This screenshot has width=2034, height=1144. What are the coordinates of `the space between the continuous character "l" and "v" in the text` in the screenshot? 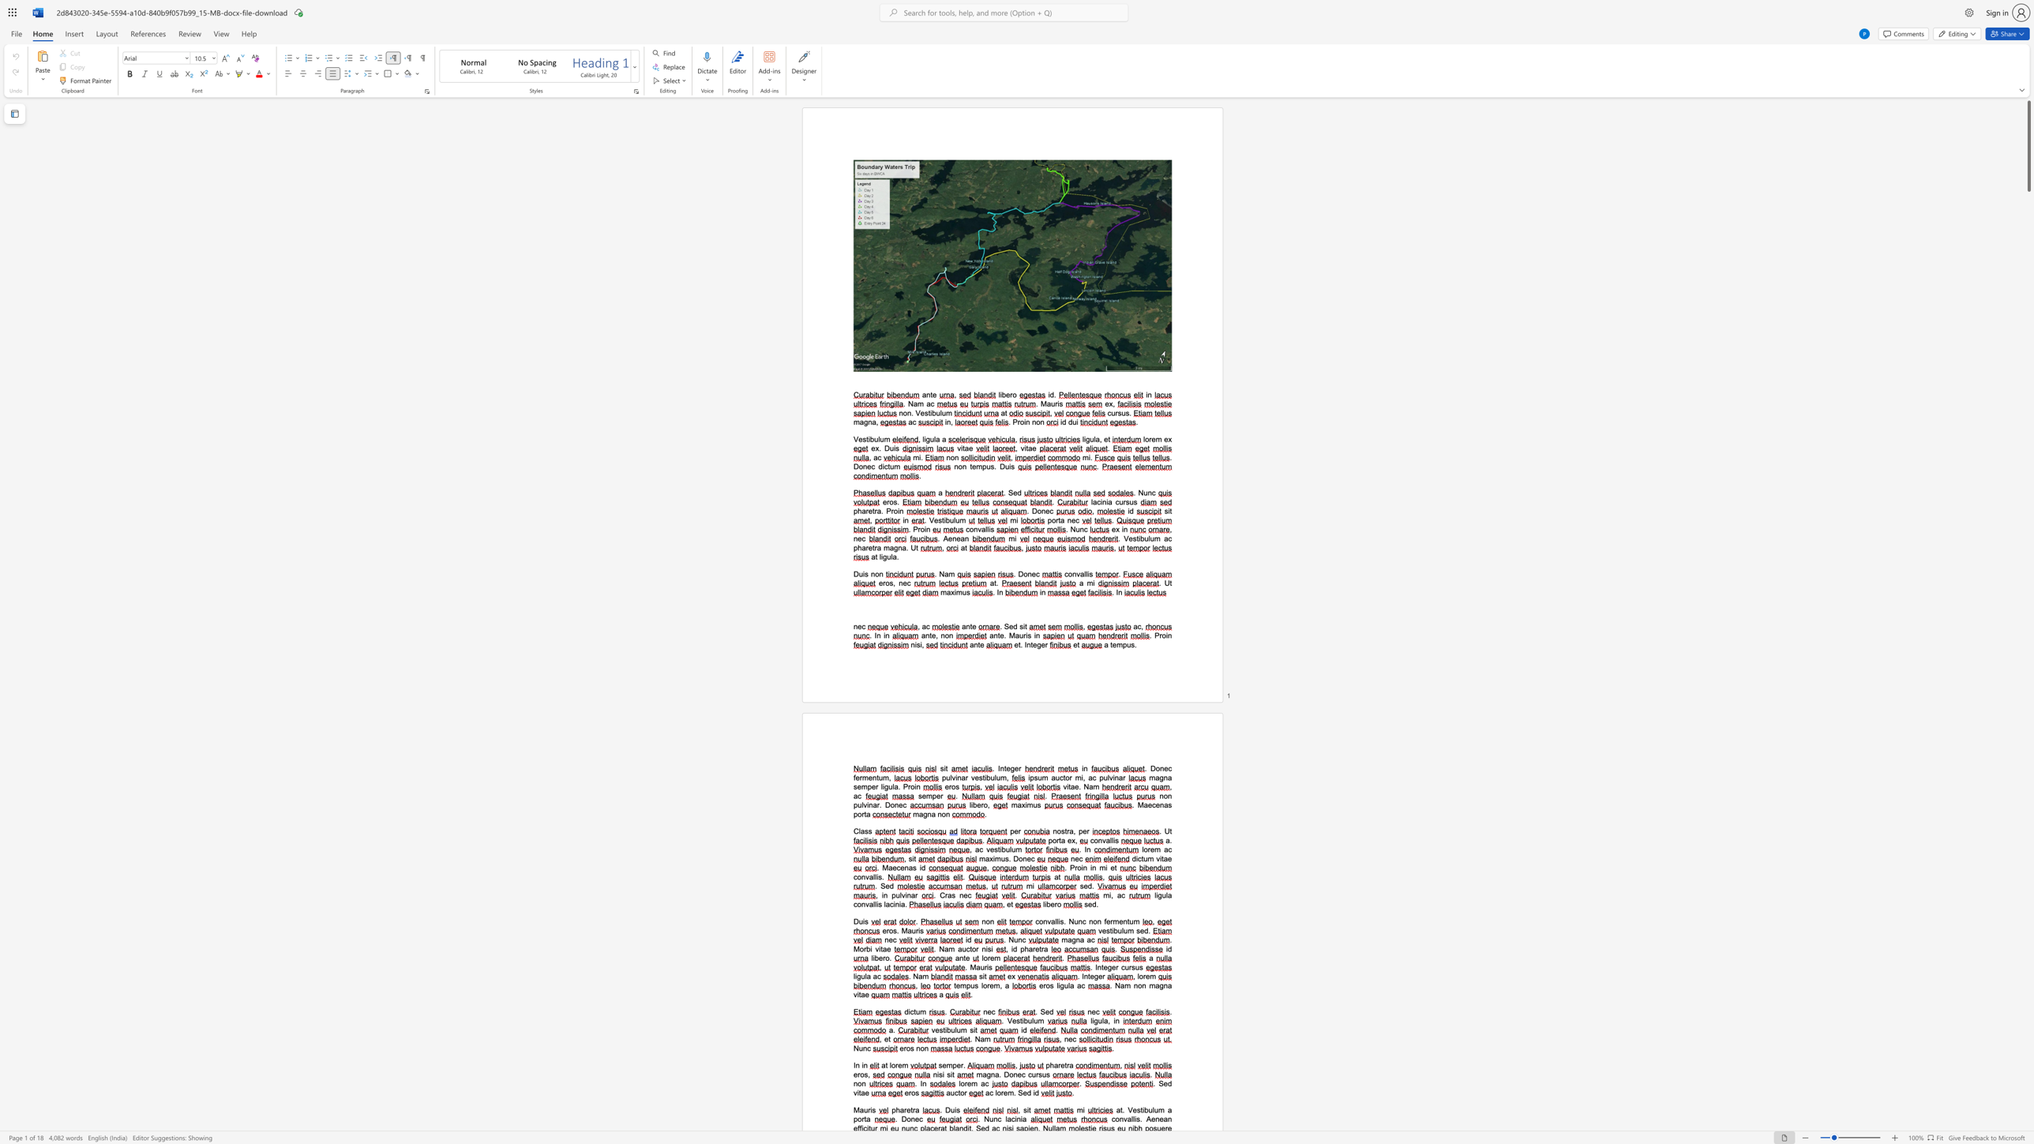 It's located at (901, 895).